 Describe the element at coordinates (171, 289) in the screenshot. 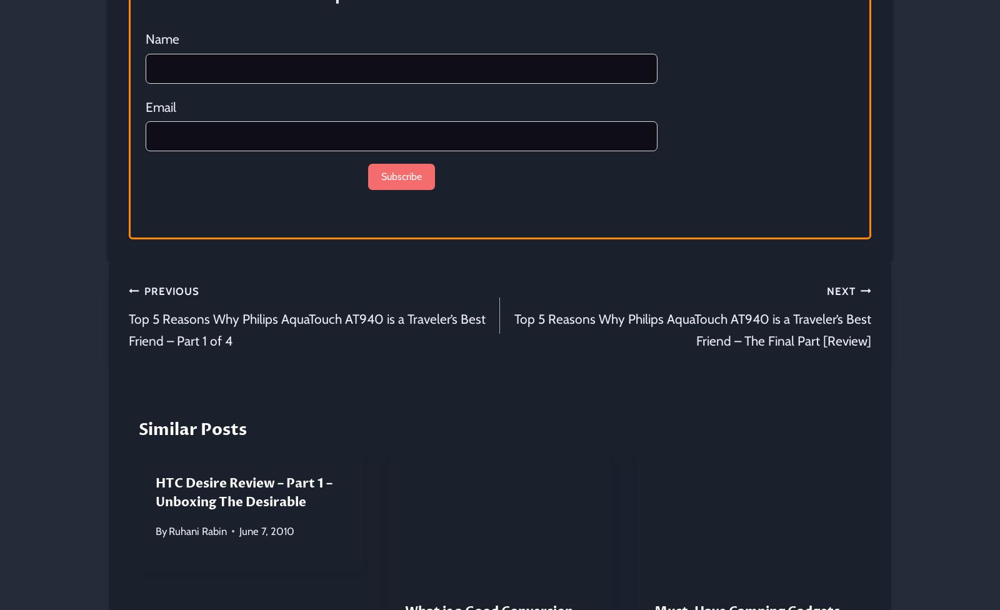

I see `'Previous'` at that location.